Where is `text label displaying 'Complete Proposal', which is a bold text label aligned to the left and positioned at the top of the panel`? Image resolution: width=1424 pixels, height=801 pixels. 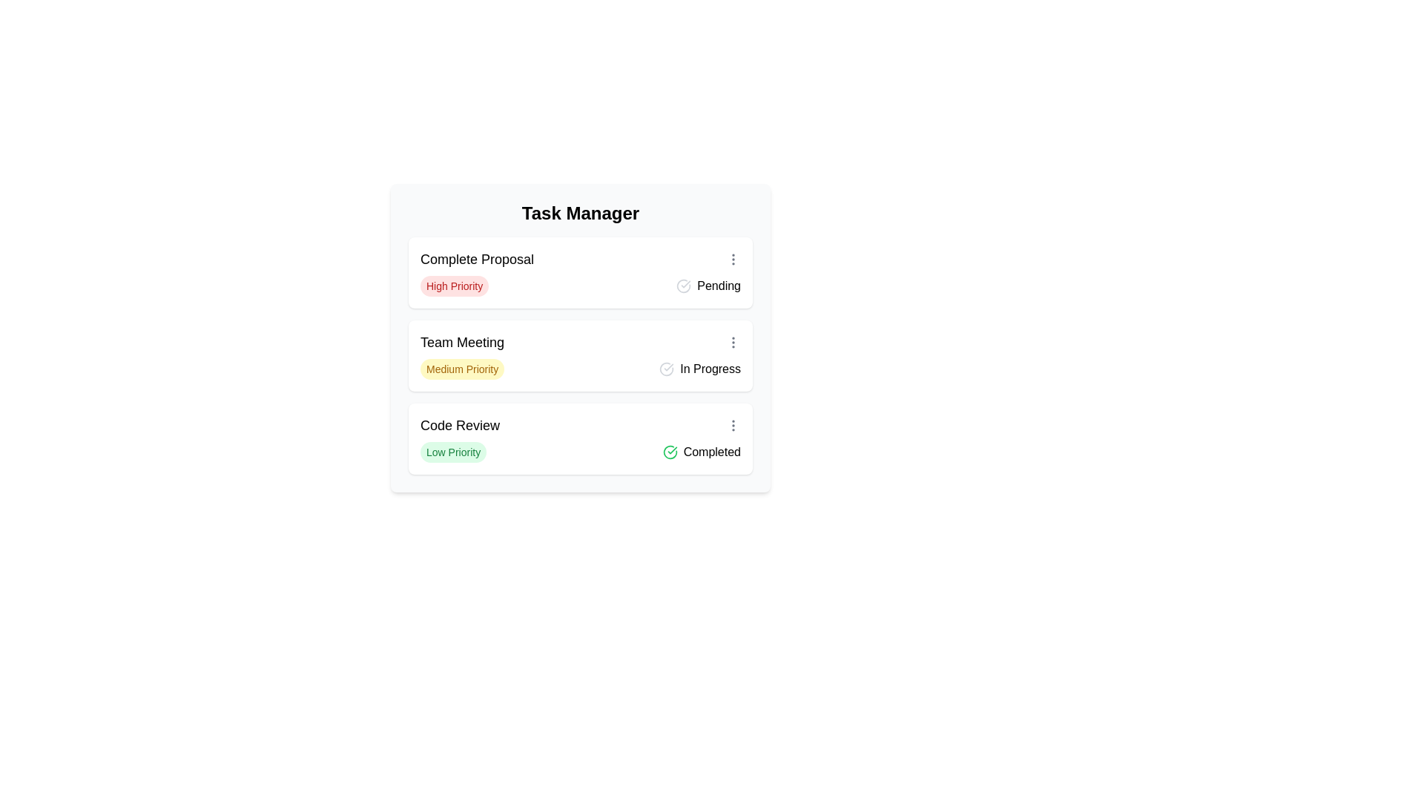
text label displaying 'Complete Proposal', which is a bold text label aligned to the left and positioned at the top of the panel is located at coordinates (477, 259).